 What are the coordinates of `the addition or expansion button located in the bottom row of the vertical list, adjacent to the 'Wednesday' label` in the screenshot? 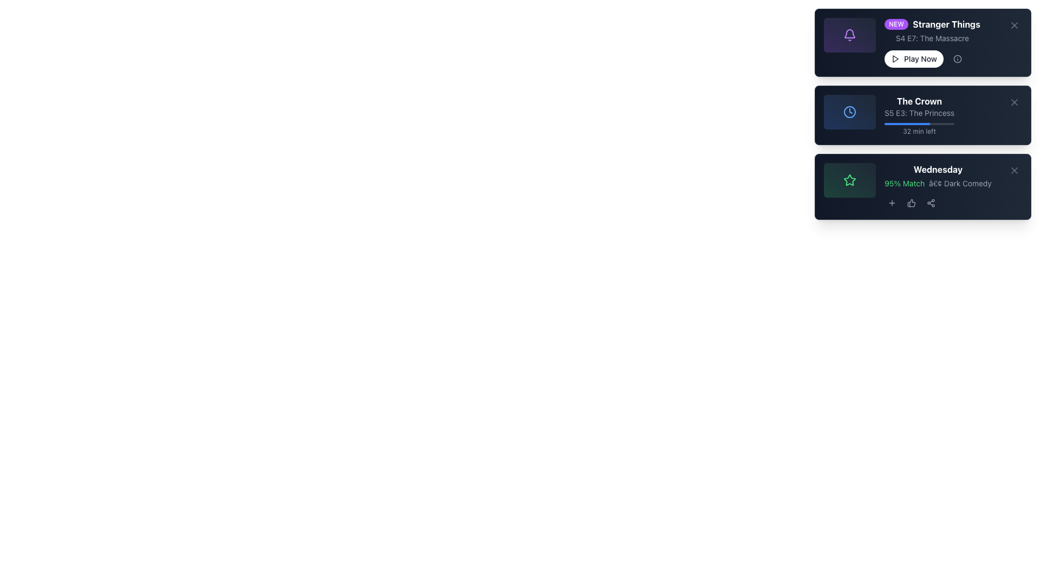 It's located at (892, 203).